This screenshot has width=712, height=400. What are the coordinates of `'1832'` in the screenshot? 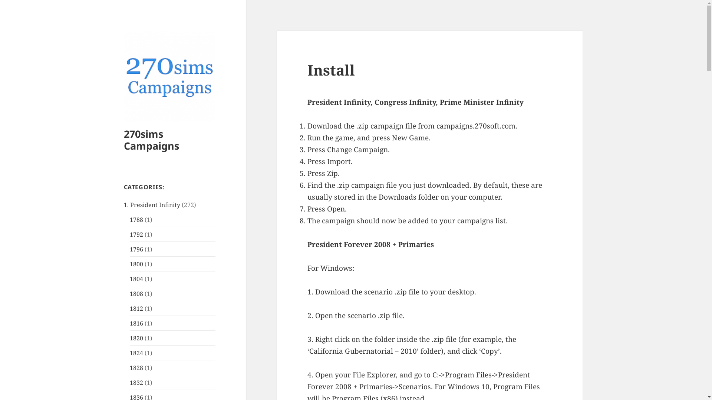 It's located at (136, 383).